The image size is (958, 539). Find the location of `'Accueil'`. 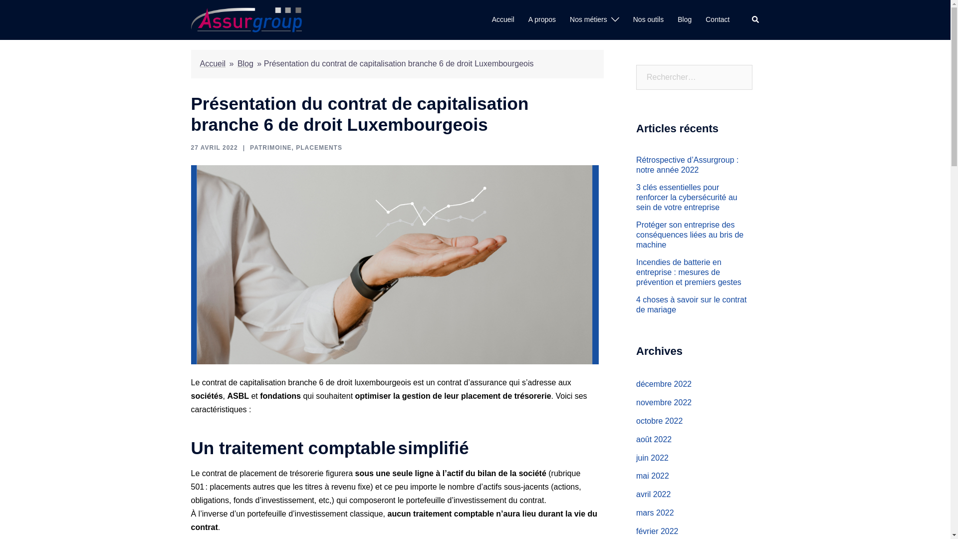

'Accueil' is located at coordinates (212, 63).